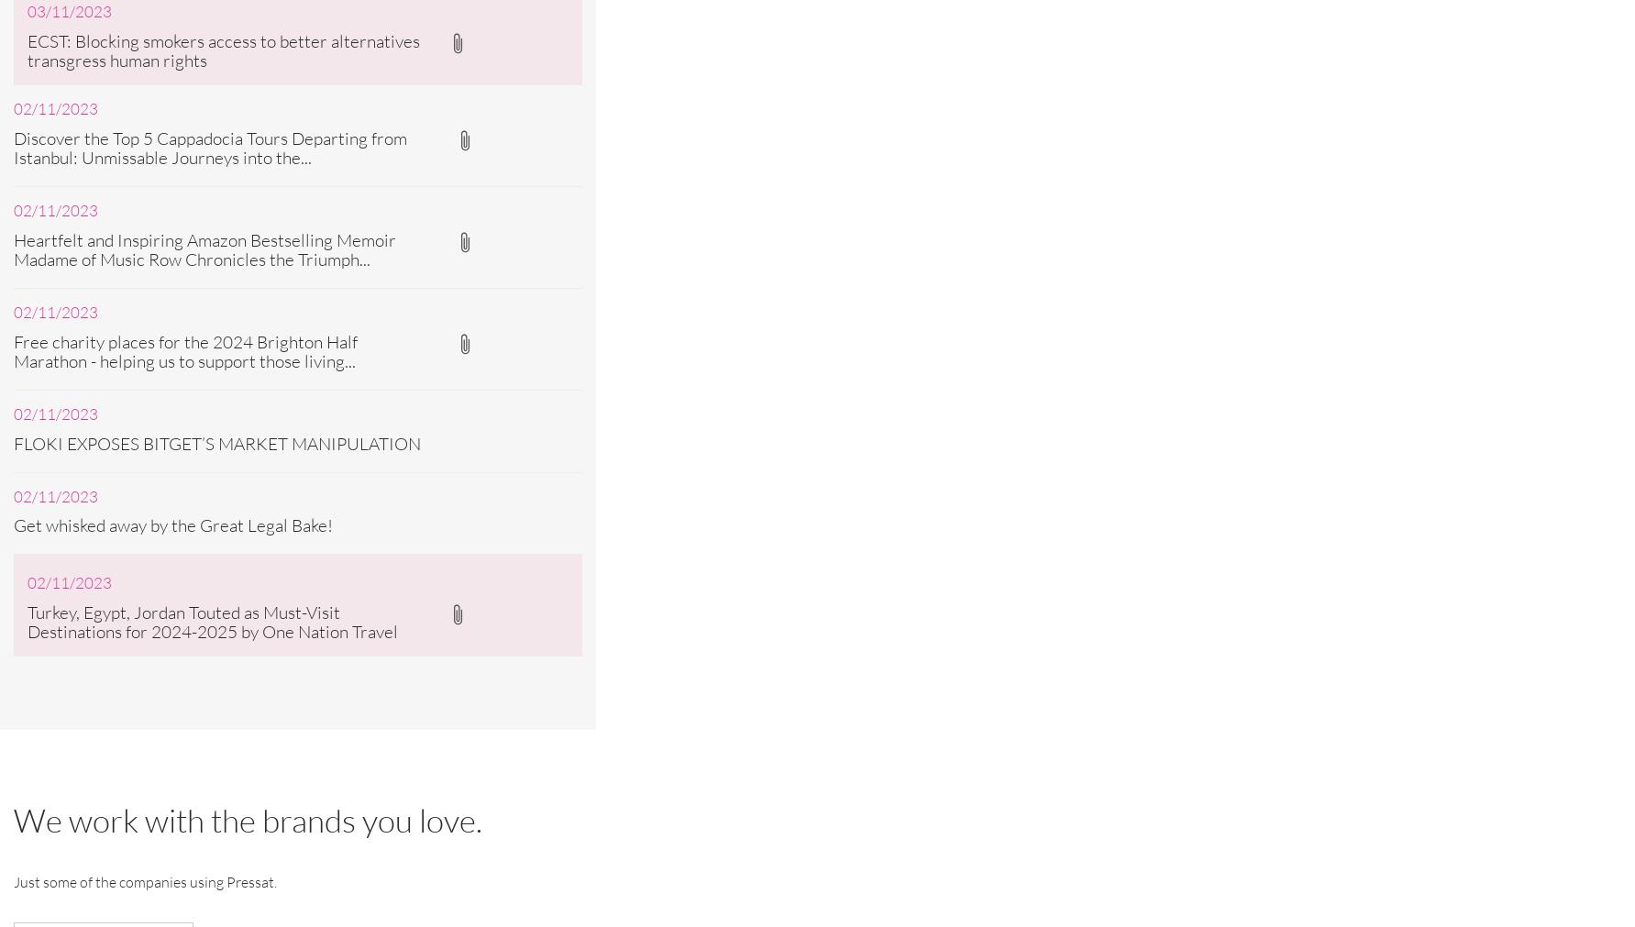  I want to click on 'Discover the Top 5 Cappadocia Tours Departing from Istanbul: Unmissable Journeys into the...', so click(13, 146).